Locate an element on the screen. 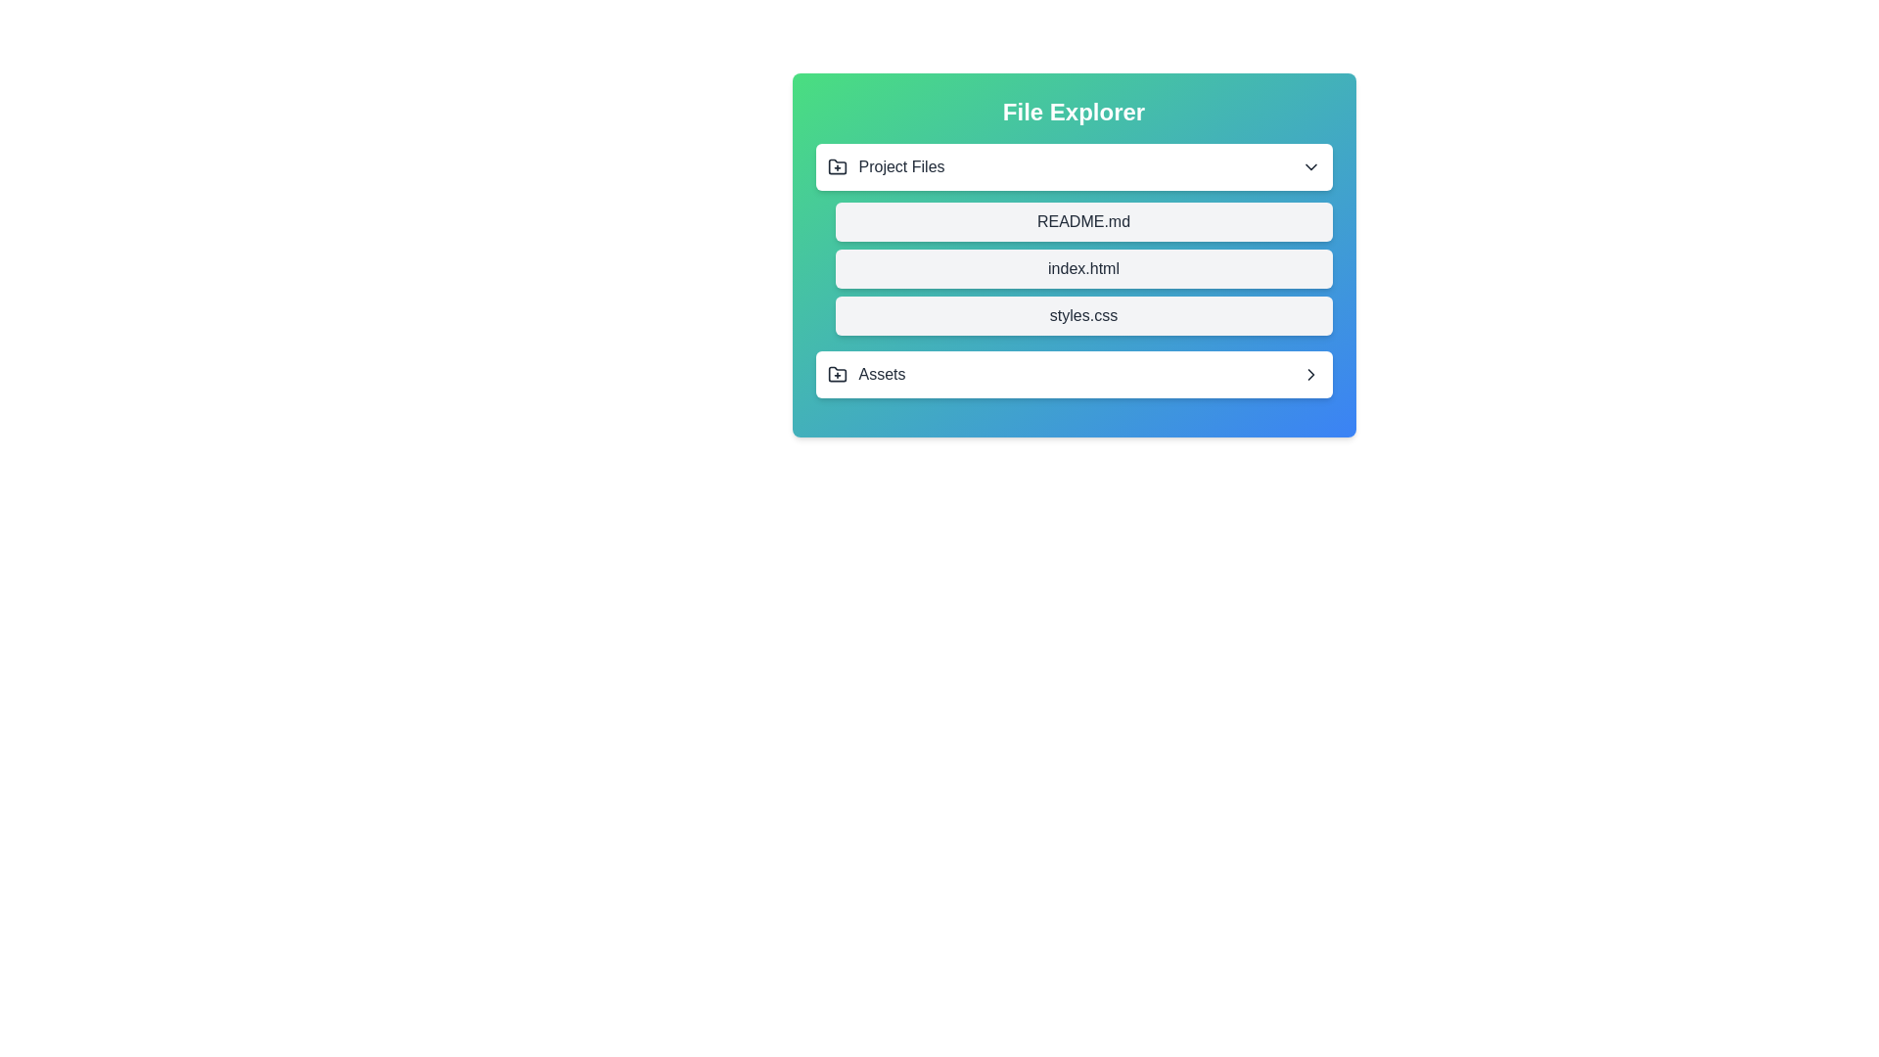  the 'Assets' label with a folder icon located is located at coordinates (864, 374).